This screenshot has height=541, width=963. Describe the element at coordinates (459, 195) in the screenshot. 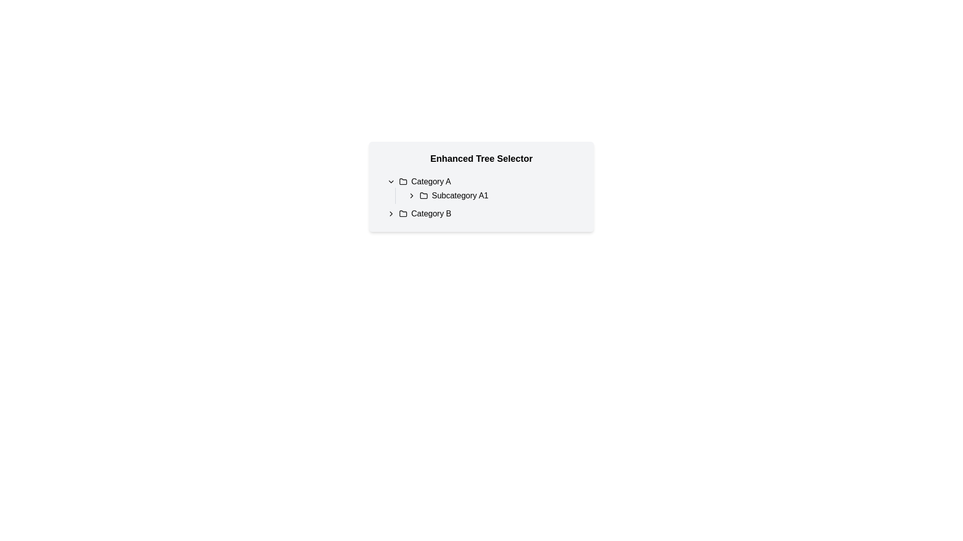

I see `the text label 'Subcategory A1'` at that location.